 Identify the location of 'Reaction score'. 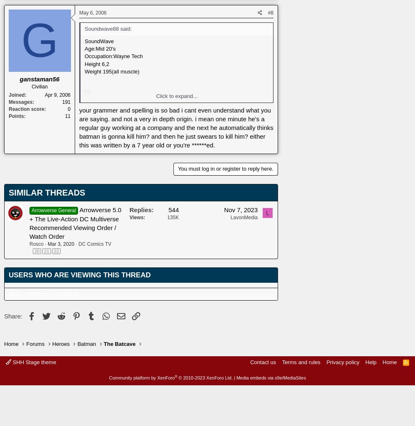
(26, 108).